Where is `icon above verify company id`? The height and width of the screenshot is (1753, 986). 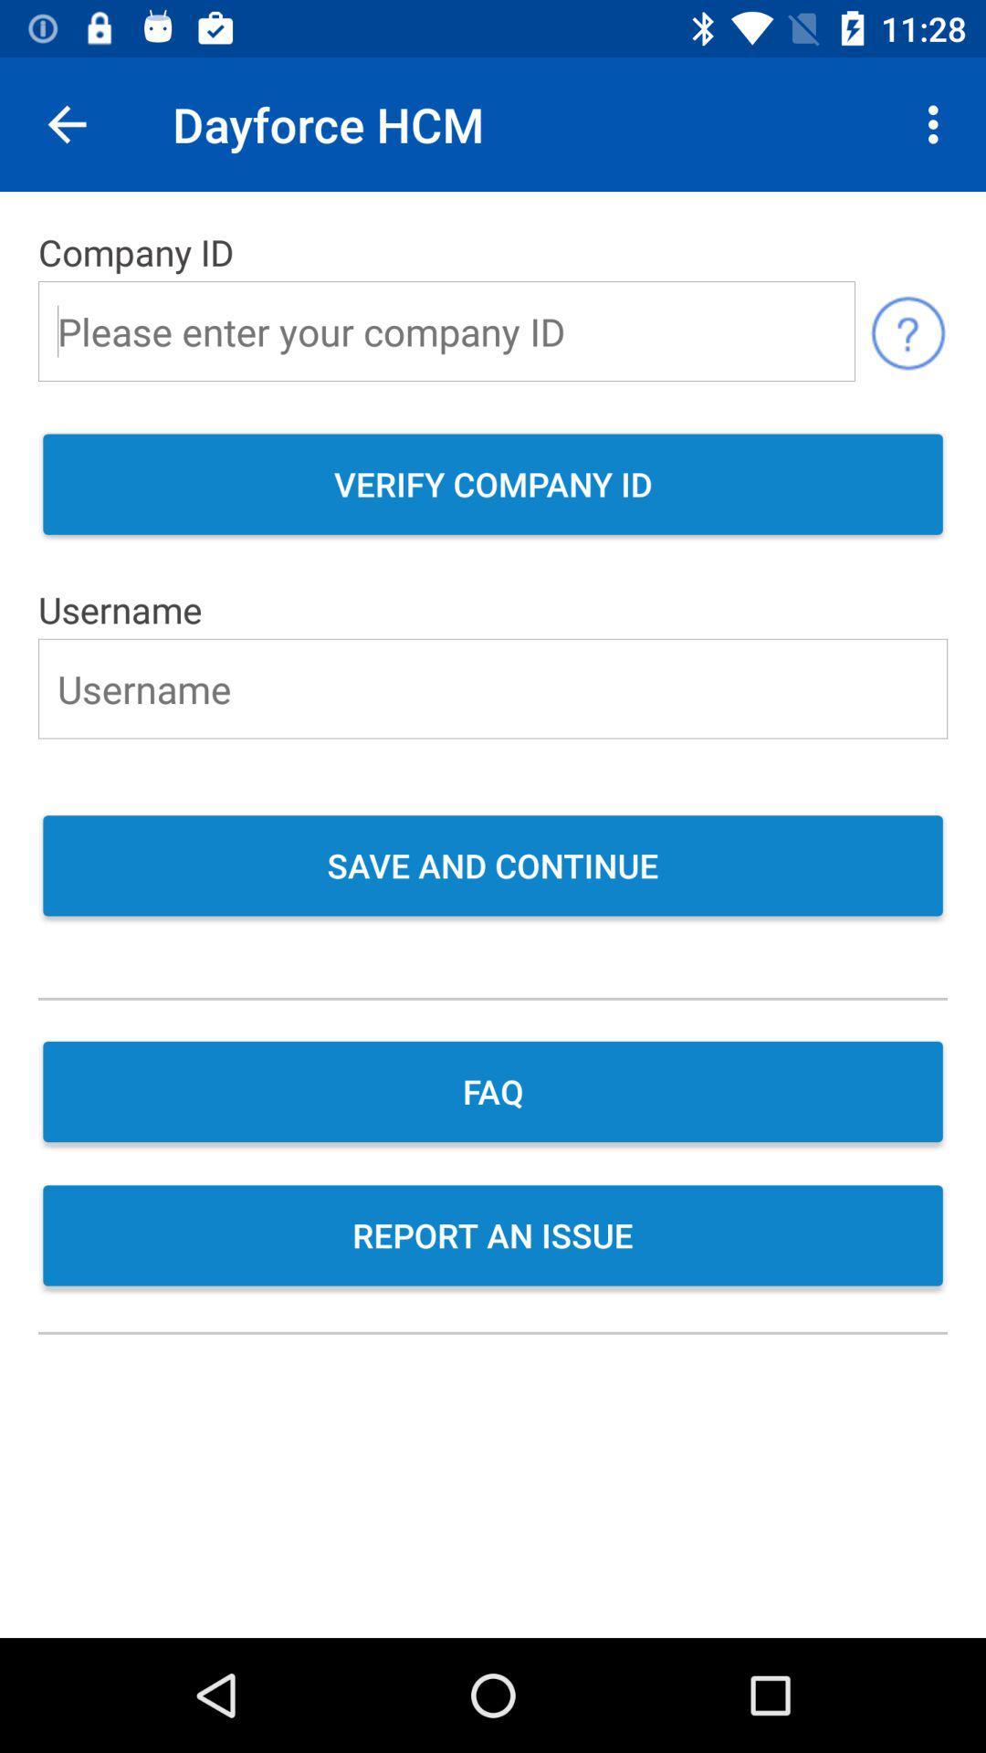 icon above verify company id is located at coordinates (907, 331).